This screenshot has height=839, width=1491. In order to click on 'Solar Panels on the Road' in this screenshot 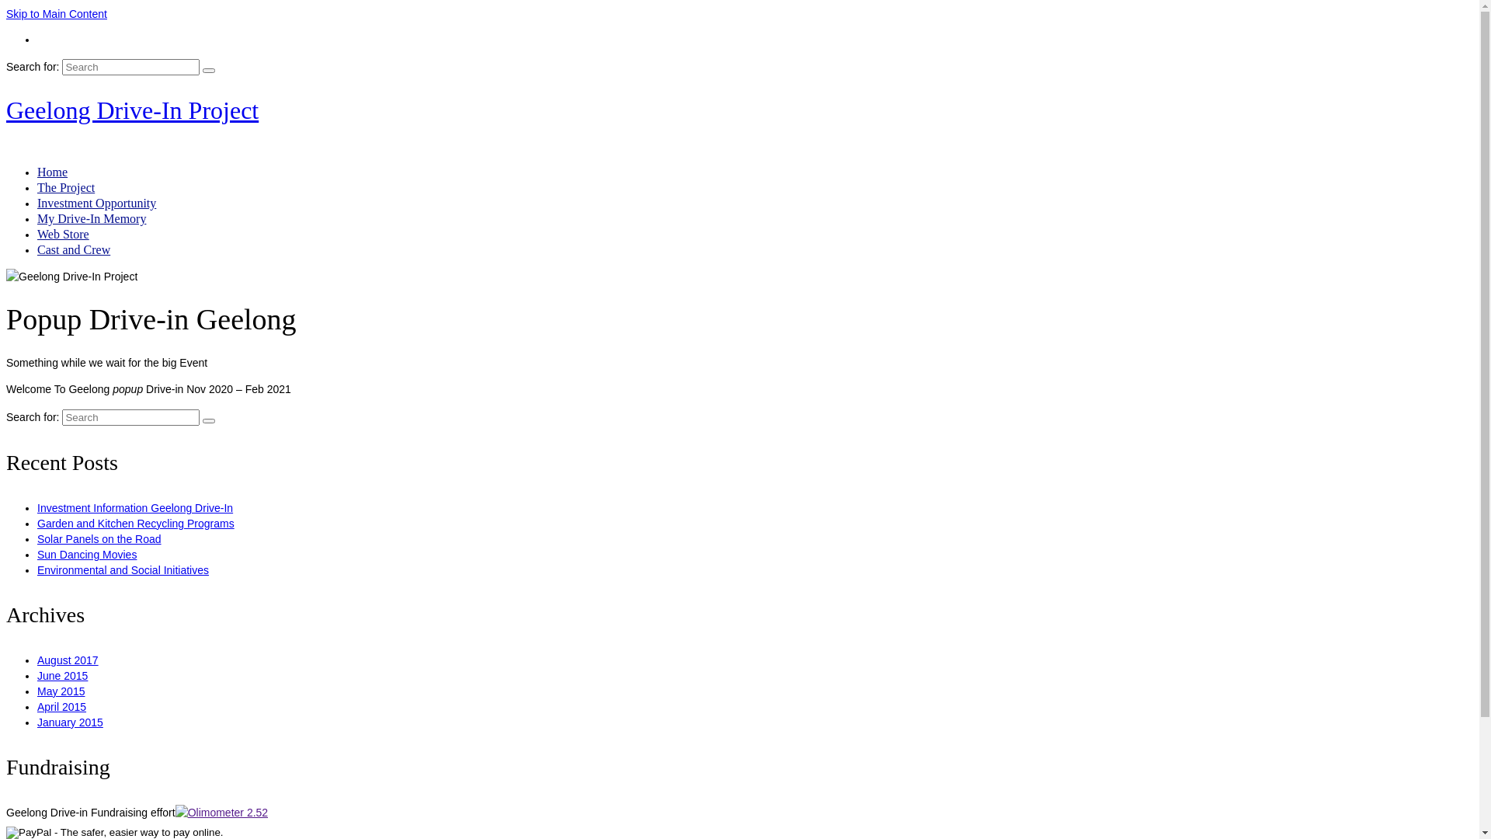, I will do `click(99, 538)`.